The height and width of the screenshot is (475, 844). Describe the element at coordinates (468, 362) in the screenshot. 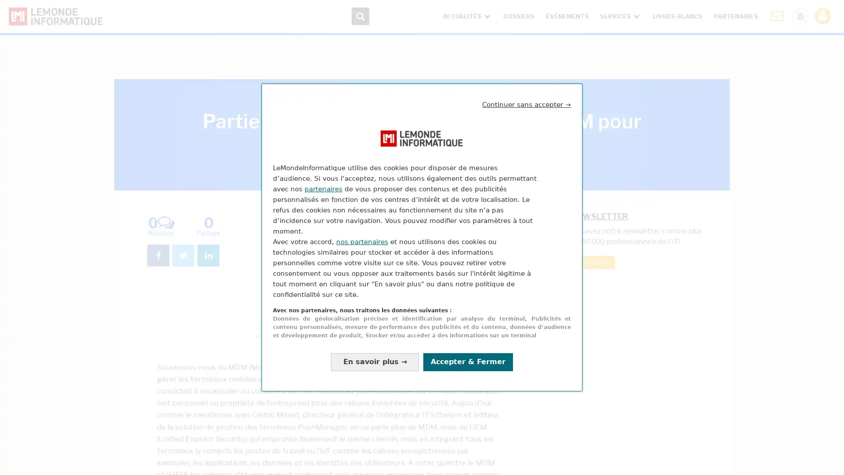

I see `Accepter notre traitement des donnees et fermer` at that location.